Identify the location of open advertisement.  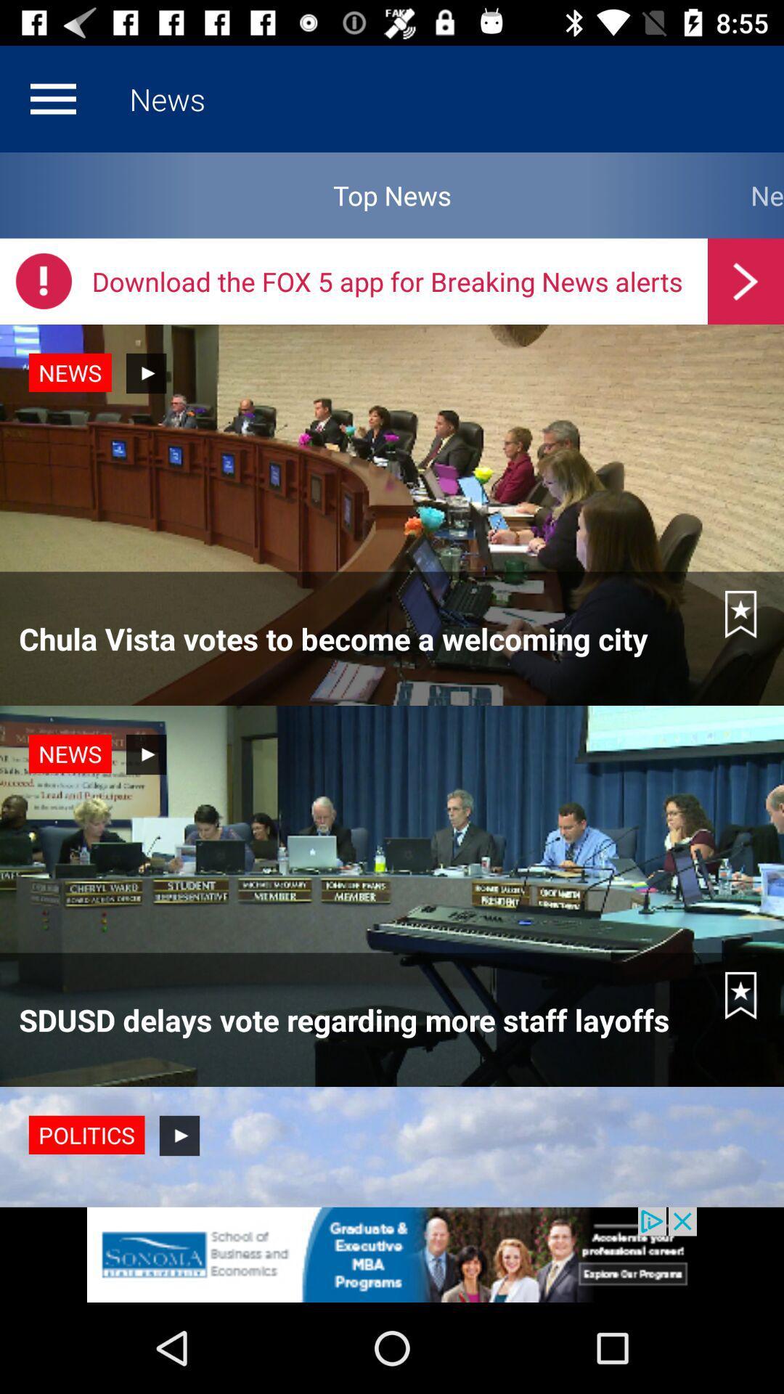
(392, 1254).